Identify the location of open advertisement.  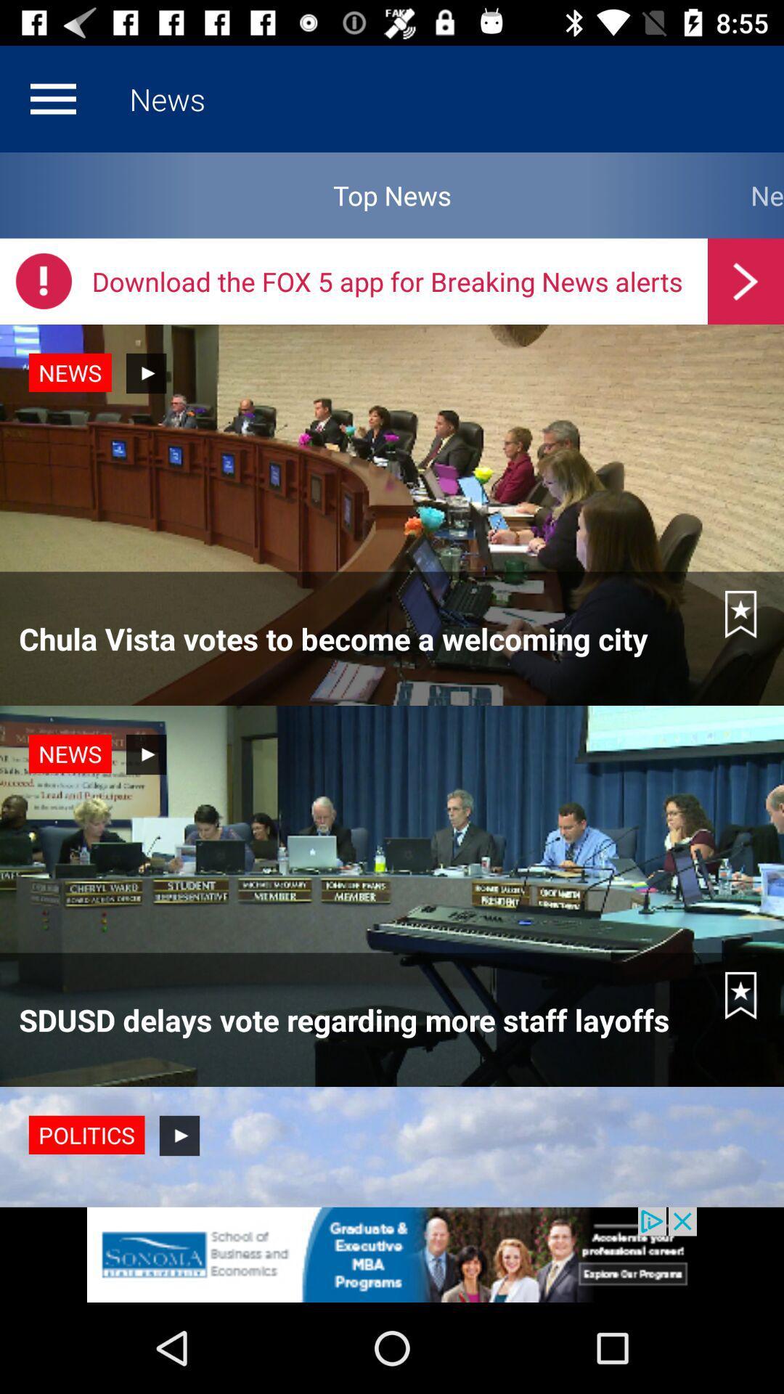
(392, 1254).